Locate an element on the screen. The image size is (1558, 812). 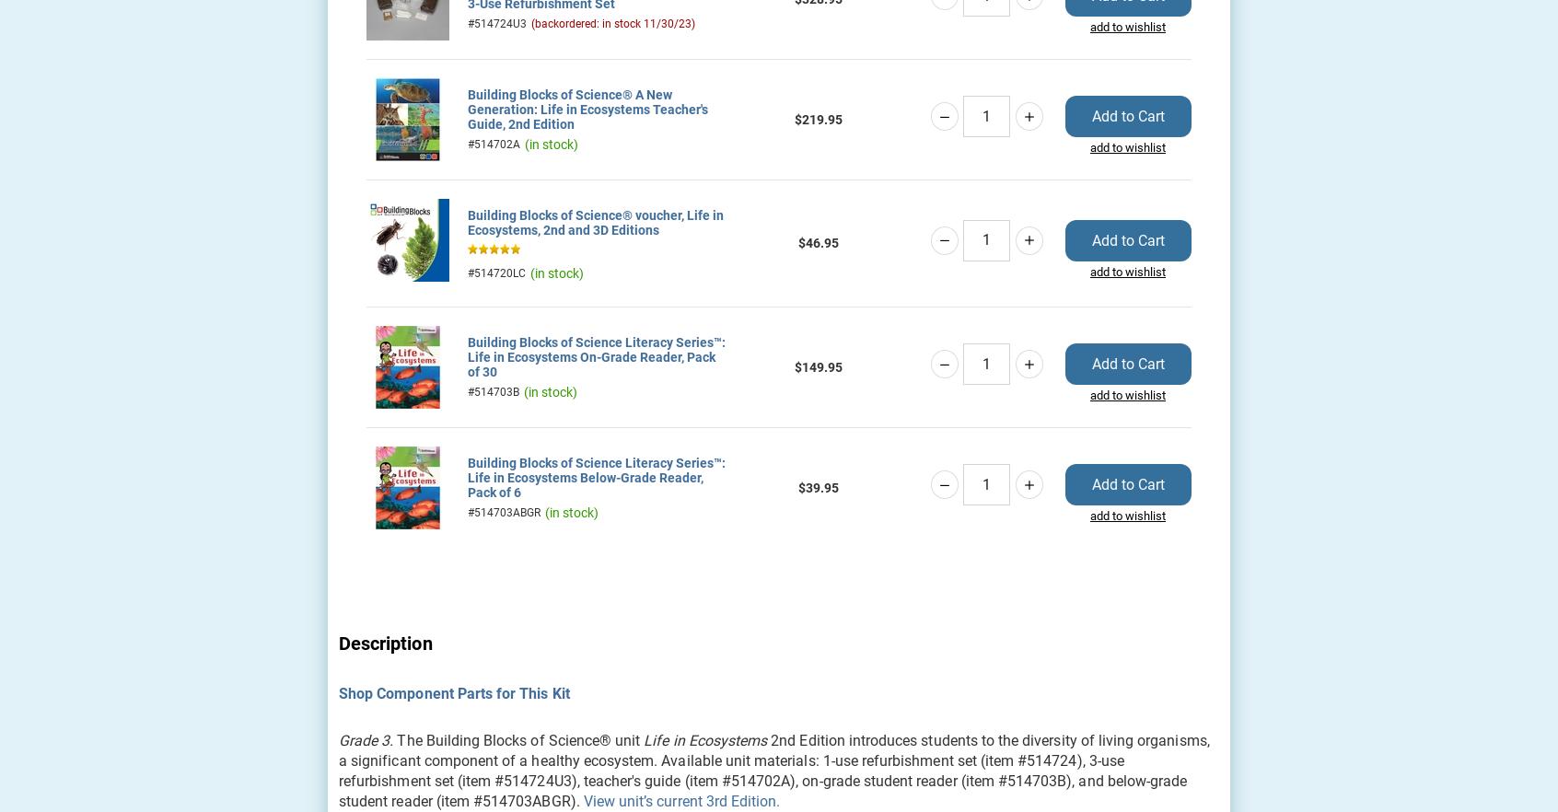
'#514702A' is located at coordinates (494, 144).